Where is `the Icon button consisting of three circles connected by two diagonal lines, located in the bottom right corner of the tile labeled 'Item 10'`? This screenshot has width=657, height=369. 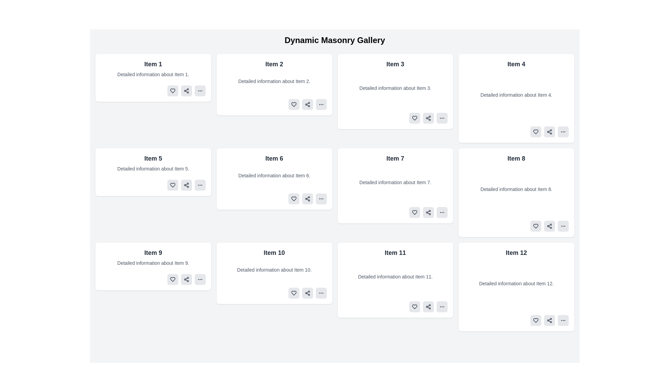
the Icon button consisting of three circles connected by two diagonal lines, located in the bottom right corner of the tile labeled 'Item 10' is located at coordinates (307, 292).